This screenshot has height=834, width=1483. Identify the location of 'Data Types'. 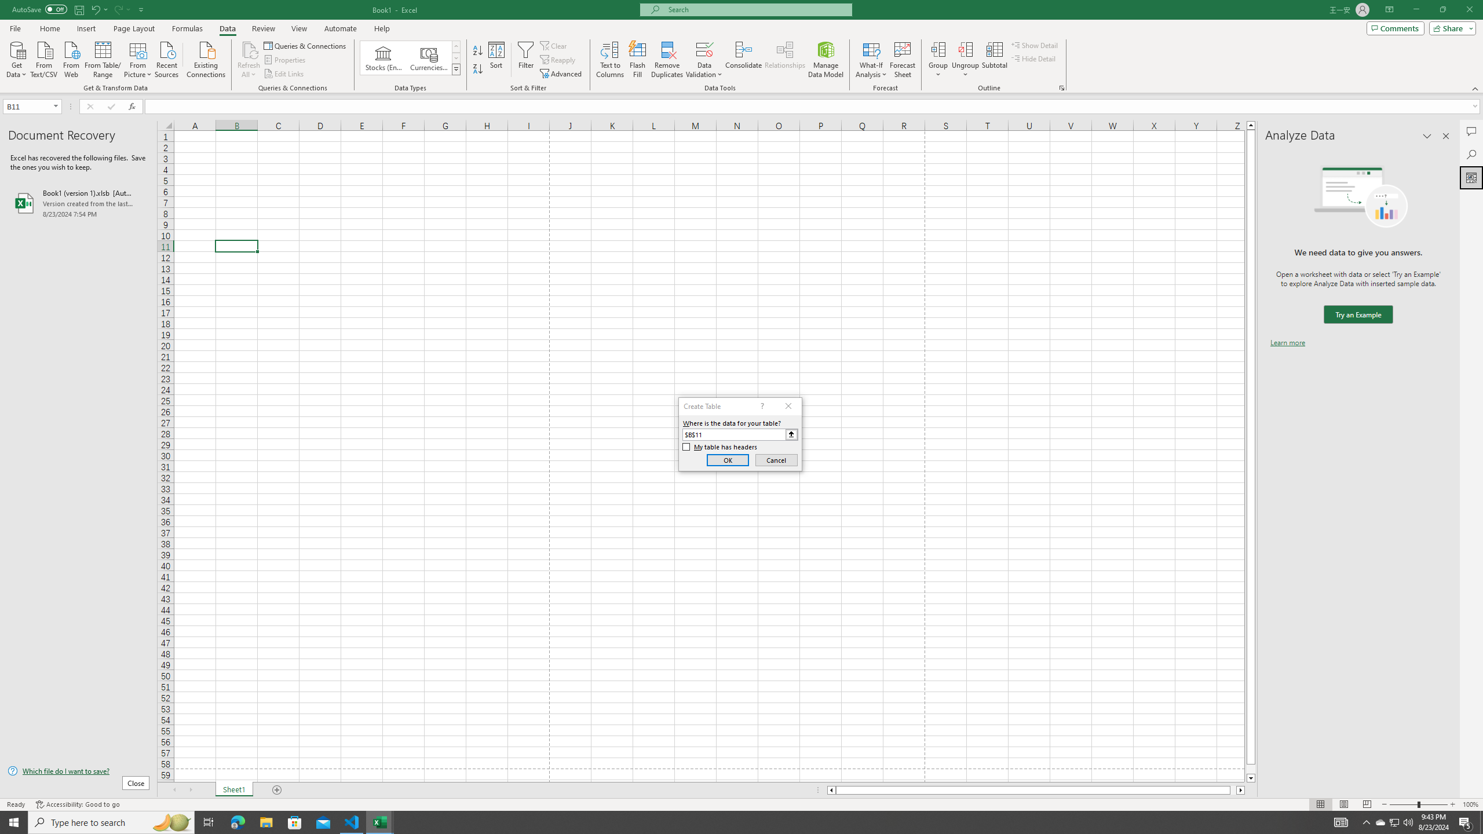
(456, 68).